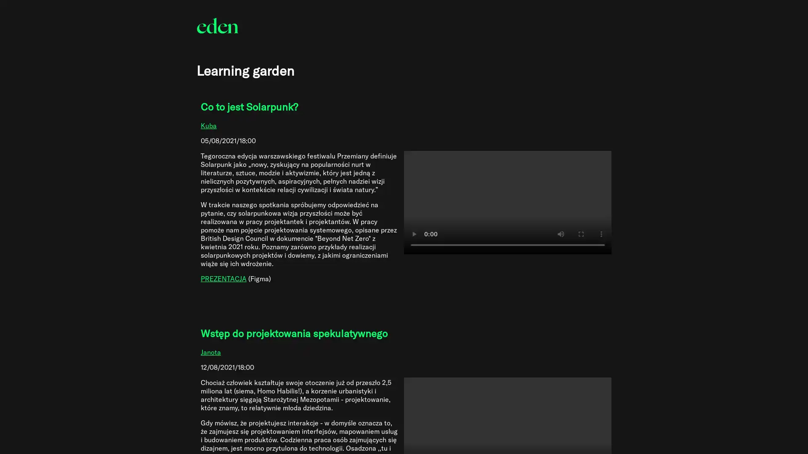  What do you see at coordinates (600, 234) in the screenshot?
I see `show more media controls` at bounding box center [600, 234].